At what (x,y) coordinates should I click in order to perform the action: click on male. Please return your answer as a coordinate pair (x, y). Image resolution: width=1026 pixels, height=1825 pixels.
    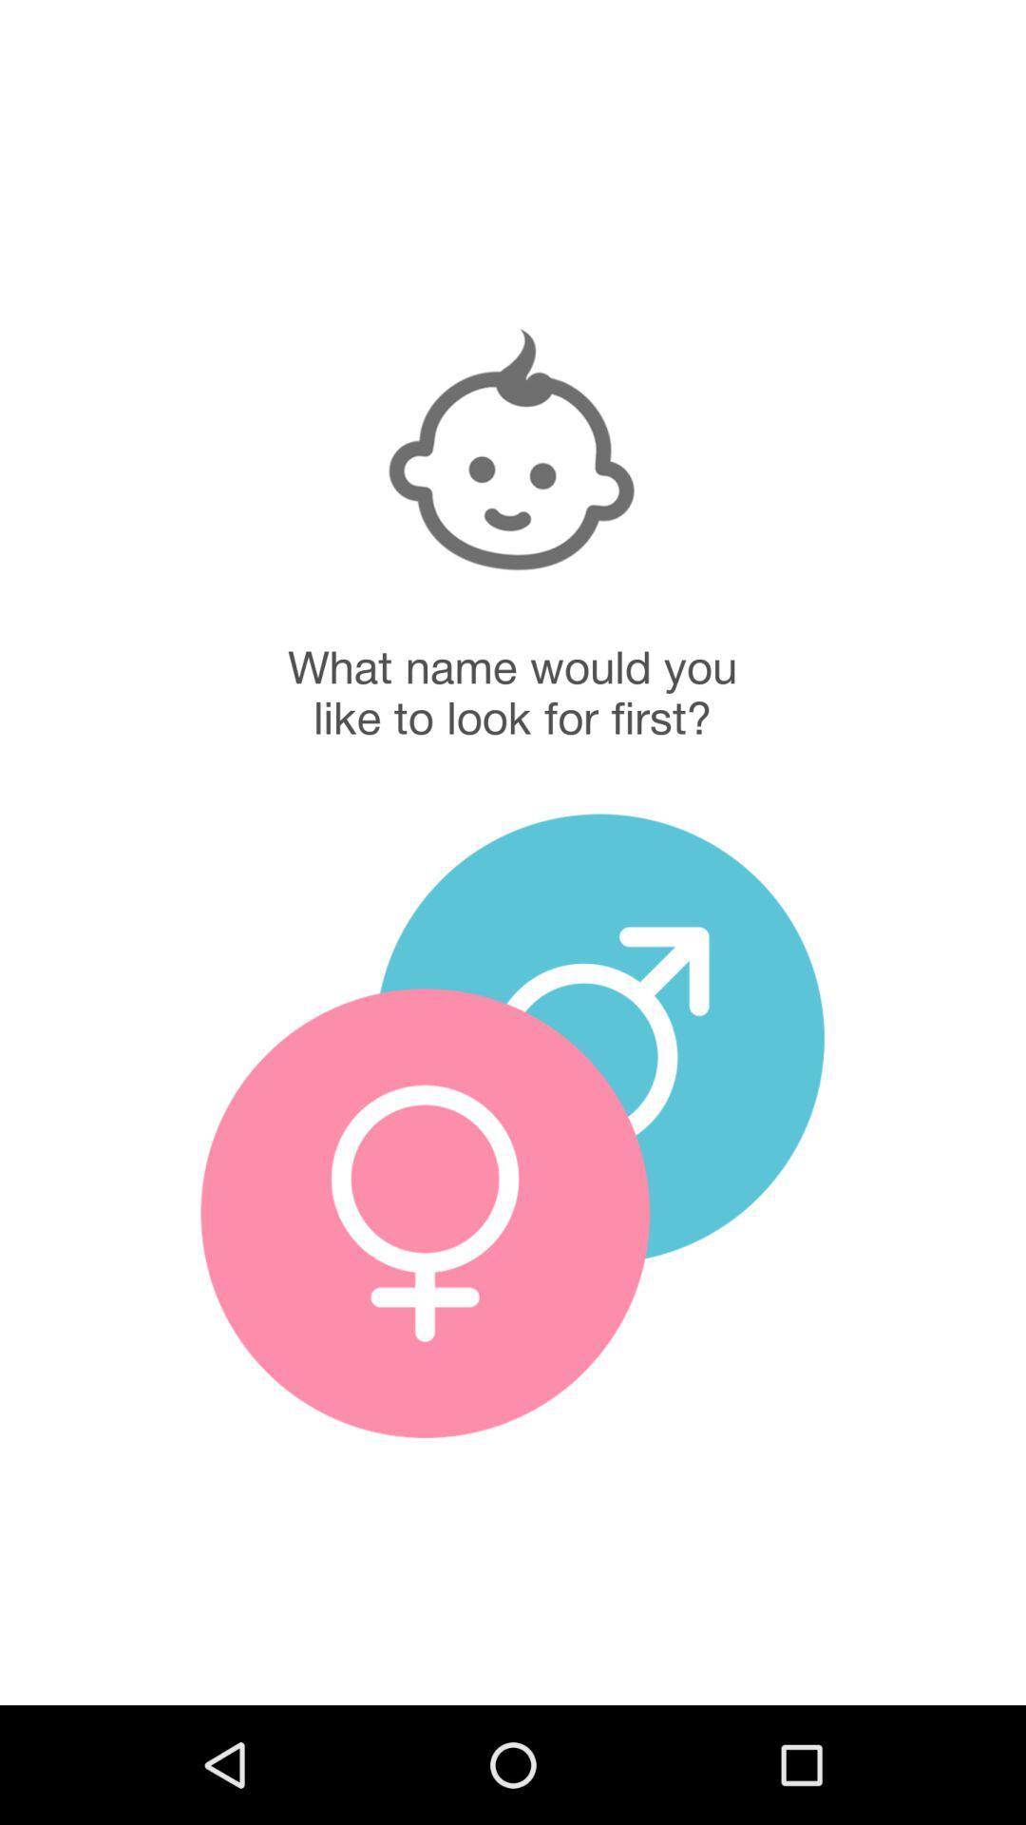
    Looking at the image, I should click on (599, 1037).